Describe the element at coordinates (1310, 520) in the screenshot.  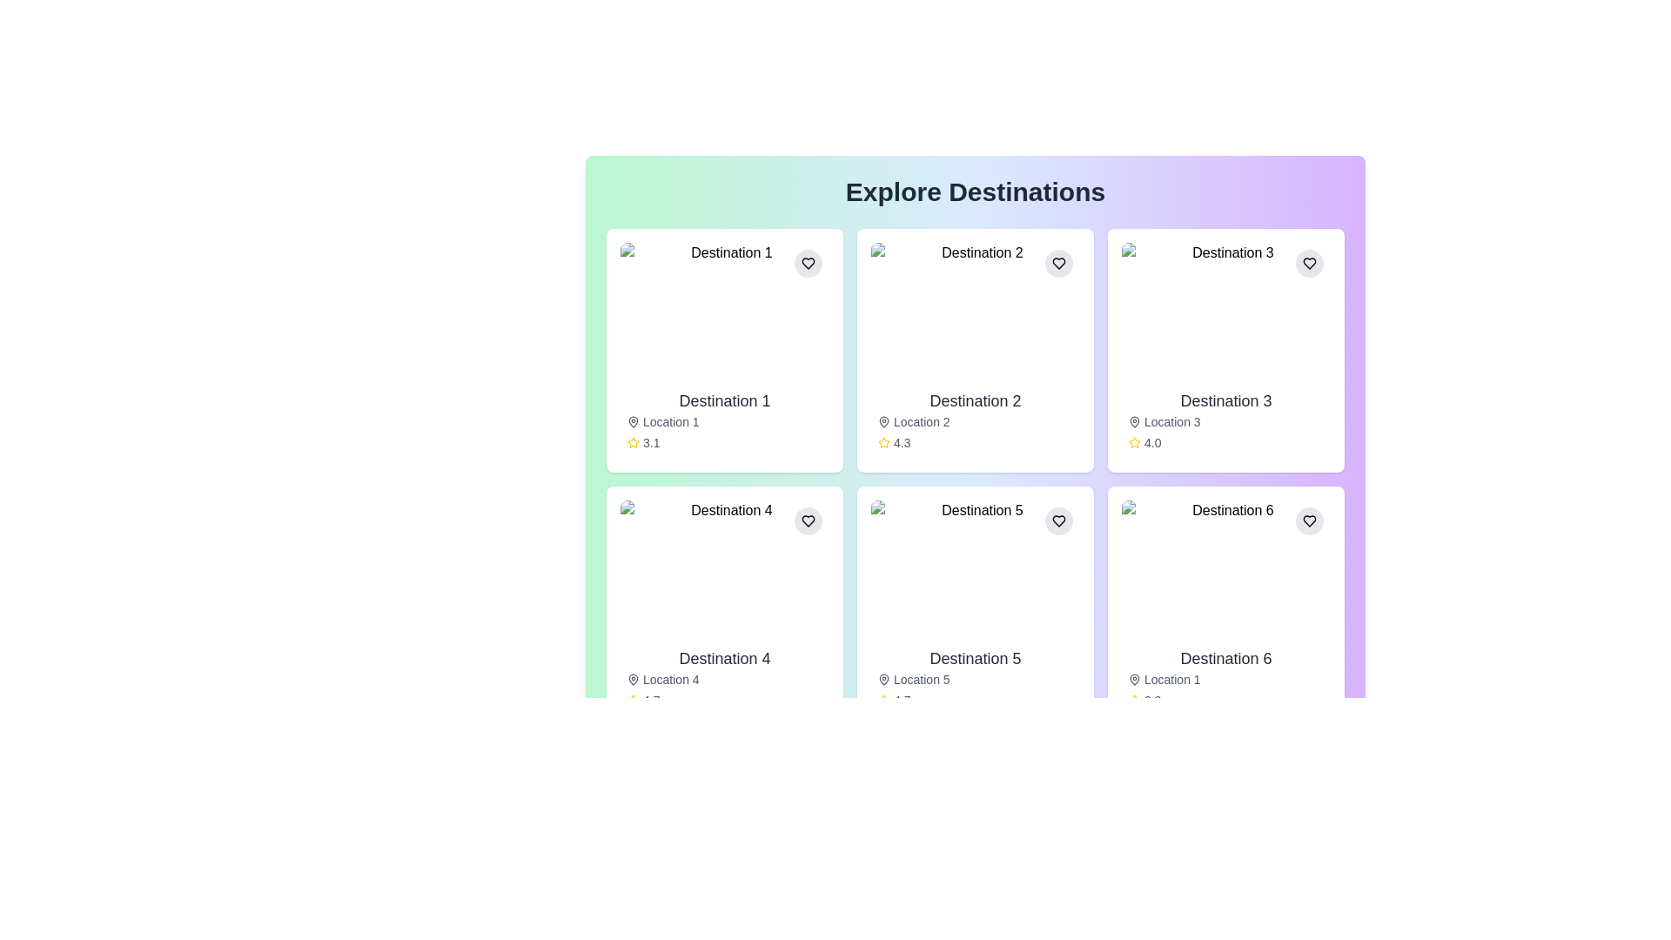
I see `the black outlined heart icon at the top-right corner of the card for 'Destination 6' to mark it as a favorite` at that location.